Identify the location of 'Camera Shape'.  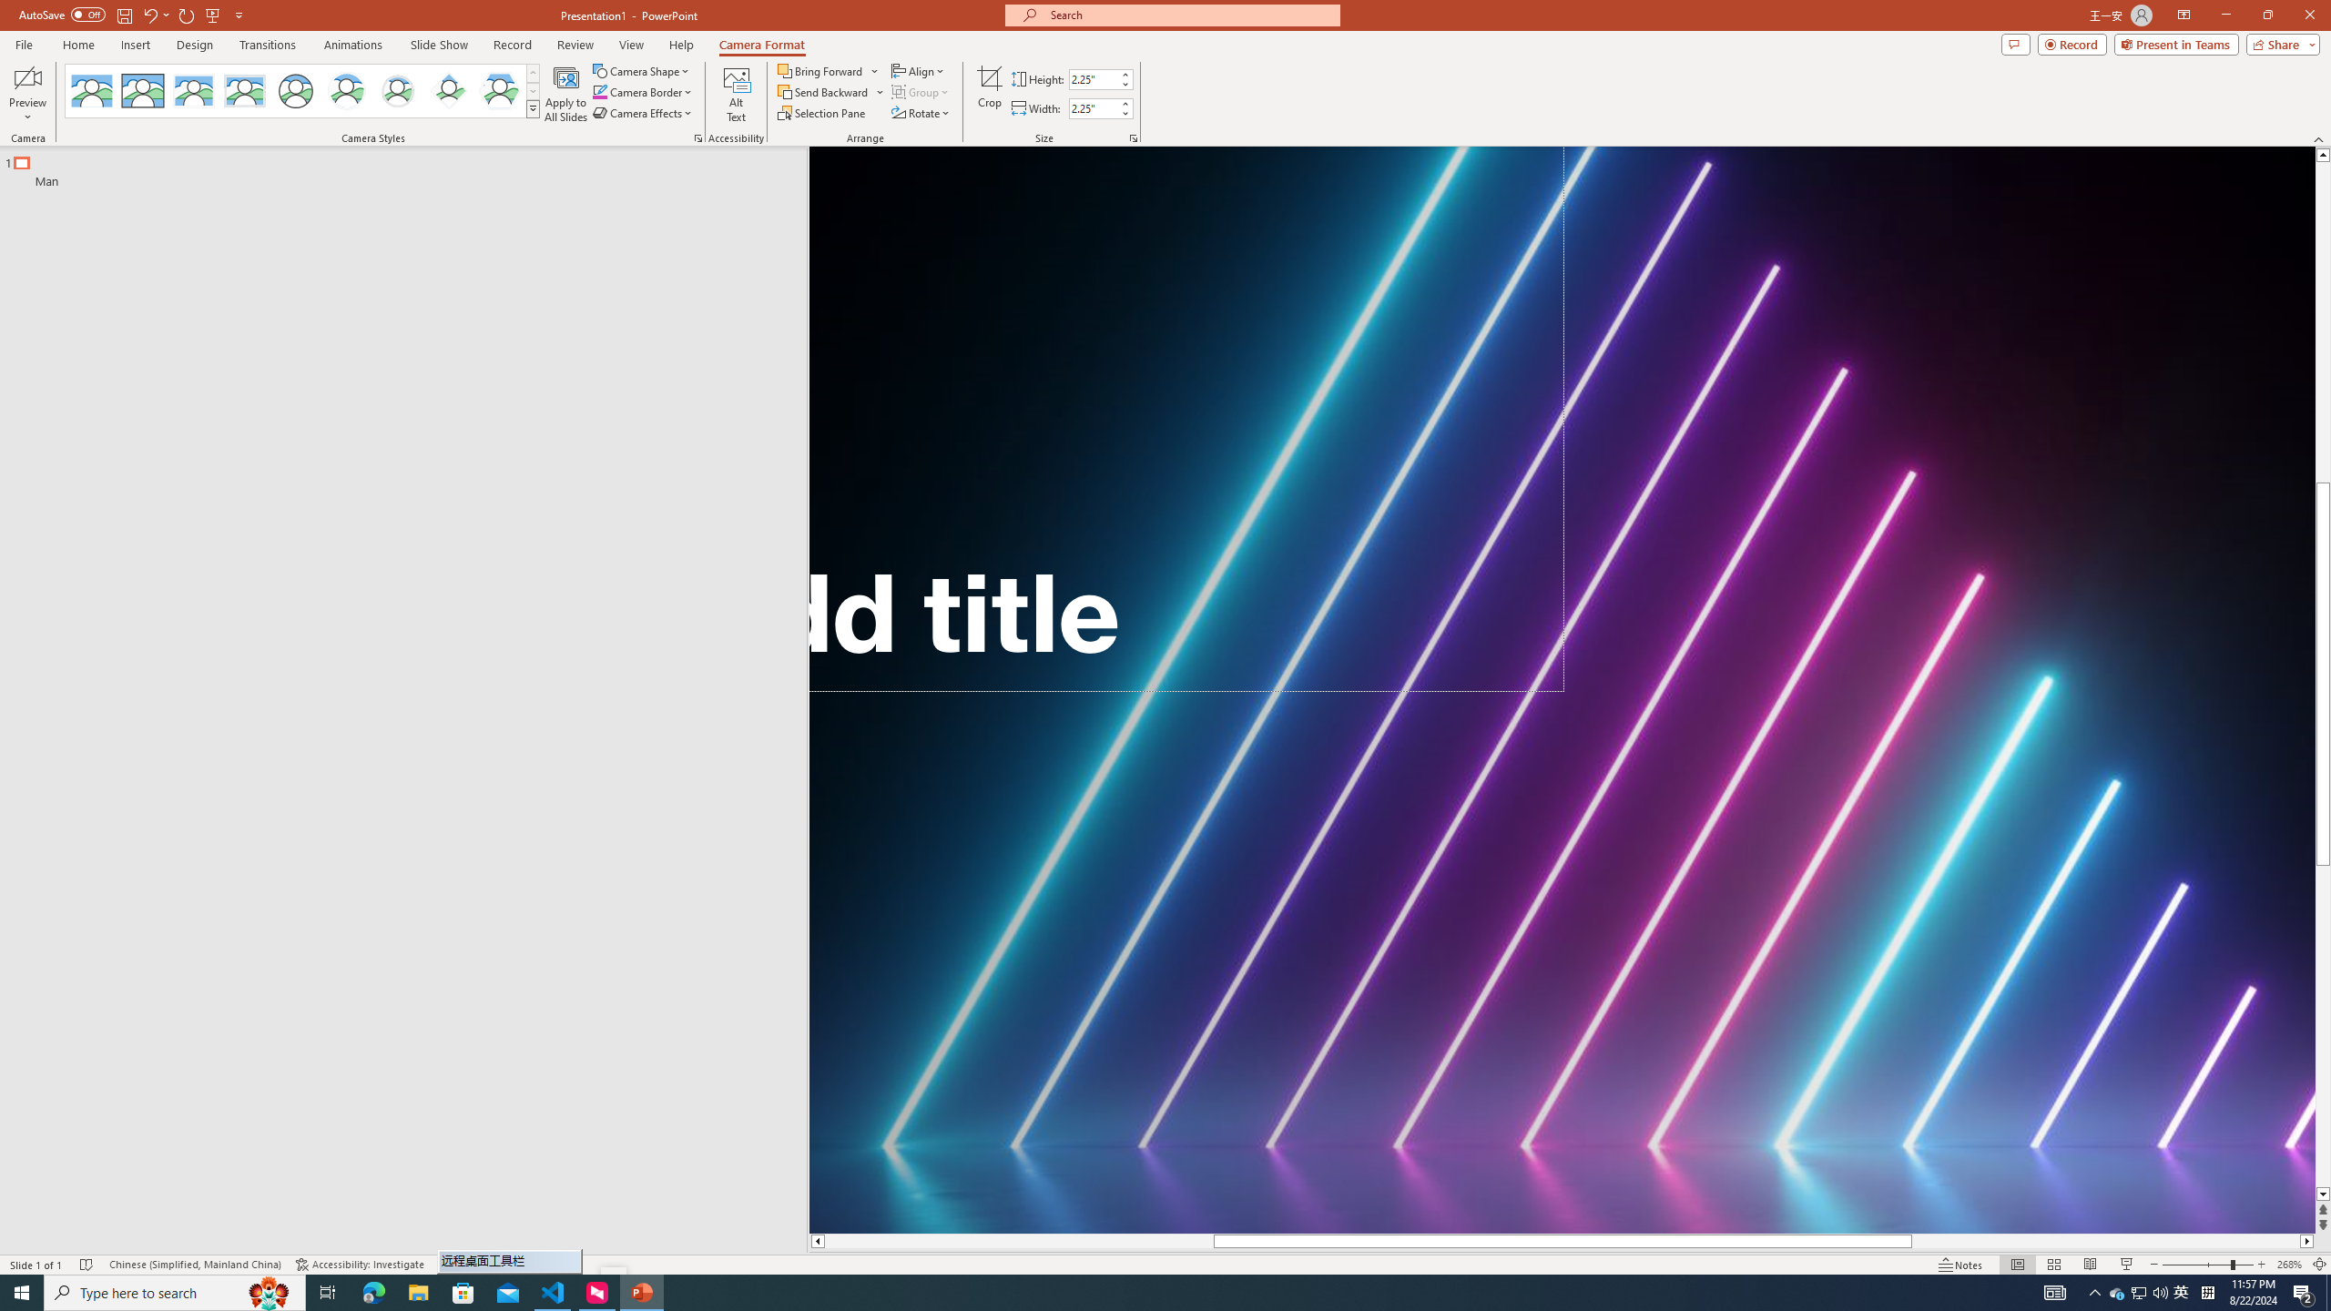
(642, 70).